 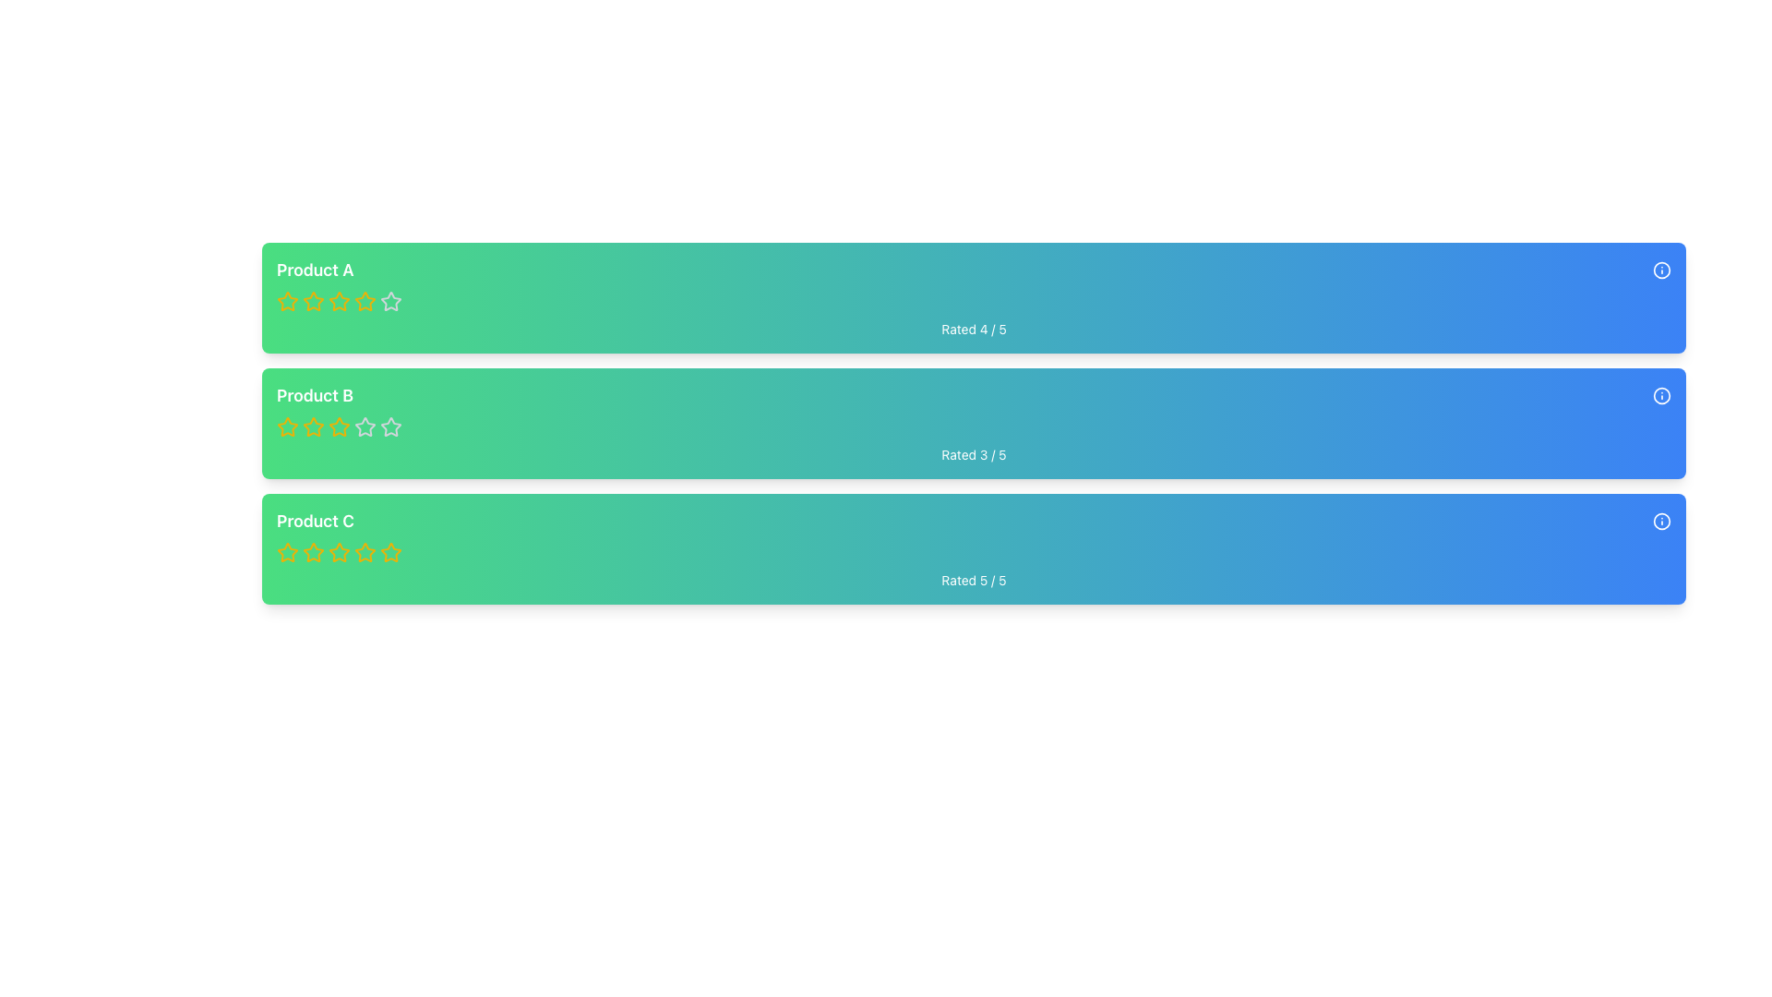 What do you see at coordinates (389, 551) in the screenshot?
I see `the fifth star icon representing a rating of 5 for 'Product C' to gauge the product's rating` at bounding box center [389, 551].